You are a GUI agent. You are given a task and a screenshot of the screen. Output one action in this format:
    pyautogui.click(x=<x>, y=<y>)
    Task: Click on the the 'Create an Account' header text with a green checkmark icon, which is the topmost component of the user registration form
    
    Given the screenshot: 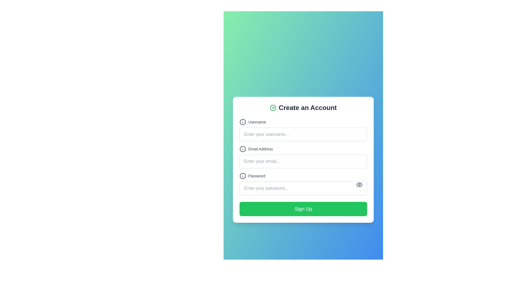 What is the action you would take?
    pyautogui.click(x=303, y=108)
    